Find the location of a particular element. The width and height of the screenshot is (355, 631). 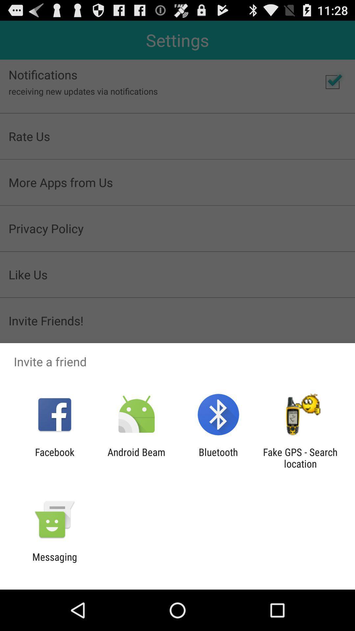

the icon to the right of facebook item is located at coordinates (136, 457).